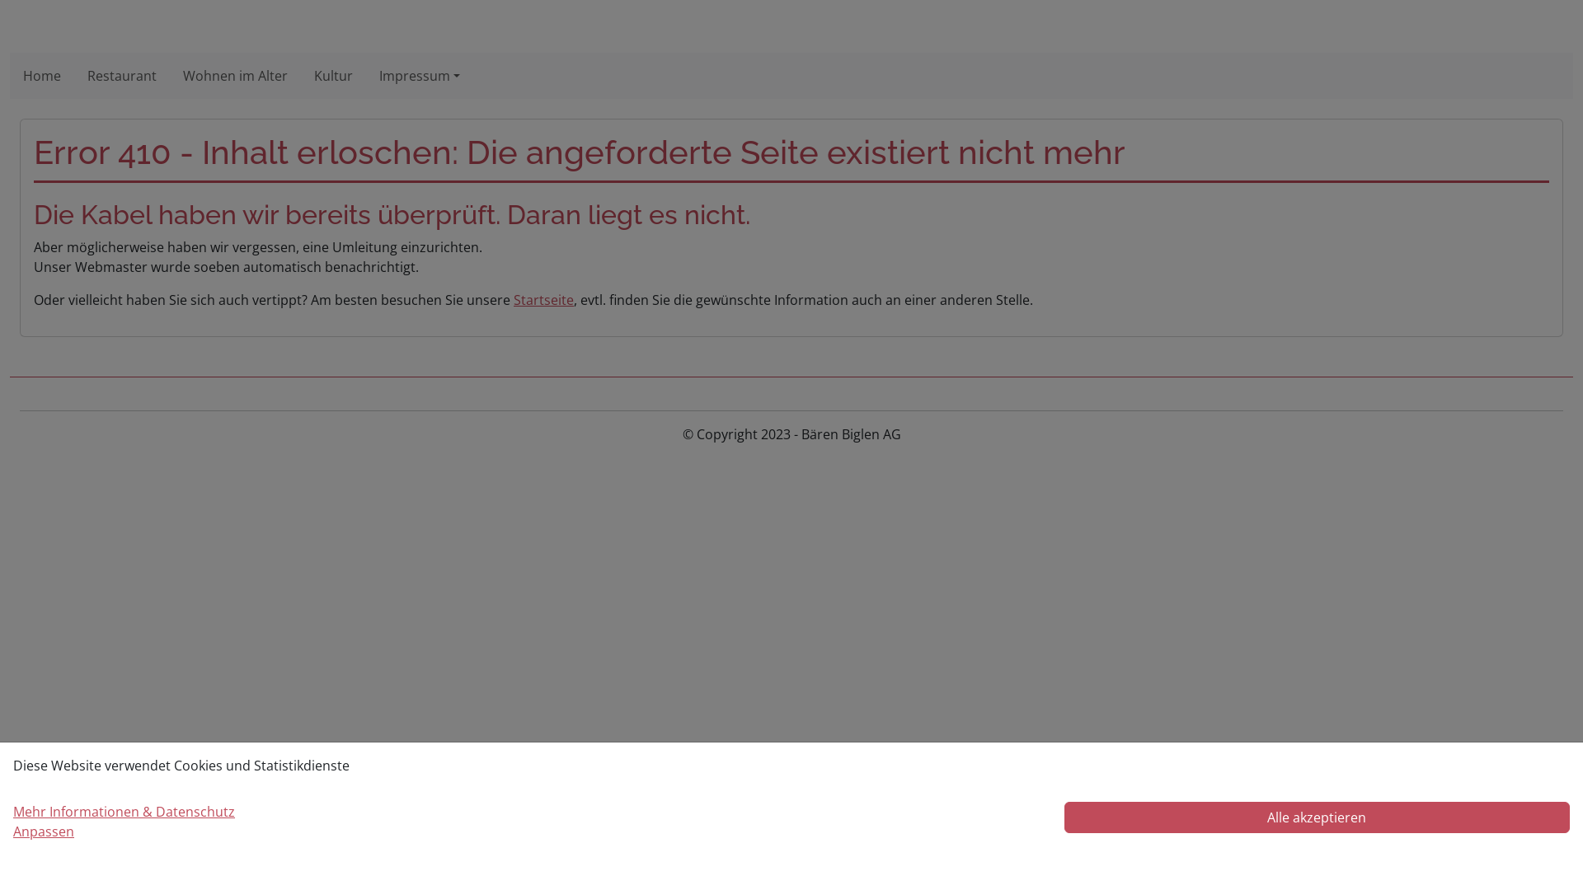  Describe the element at coordinates (42, 76) in the screenshot. I see `'Home'` at that location.